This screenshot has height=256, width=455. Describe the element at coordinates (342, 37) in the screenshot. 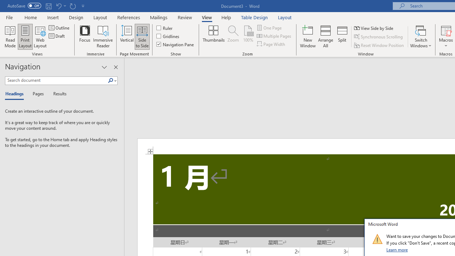

I see `'Split'` at that location.